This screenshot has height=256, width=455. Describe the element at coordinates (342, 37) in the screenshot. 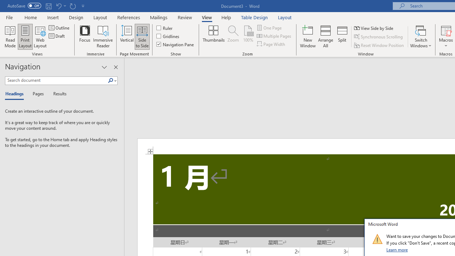

I see `'Split'` at that location.